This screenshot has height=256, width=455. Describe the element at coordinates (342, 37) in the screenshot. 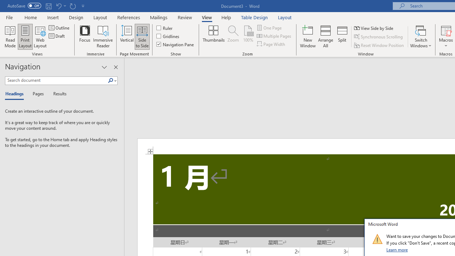

I see `'Split'` at that location.